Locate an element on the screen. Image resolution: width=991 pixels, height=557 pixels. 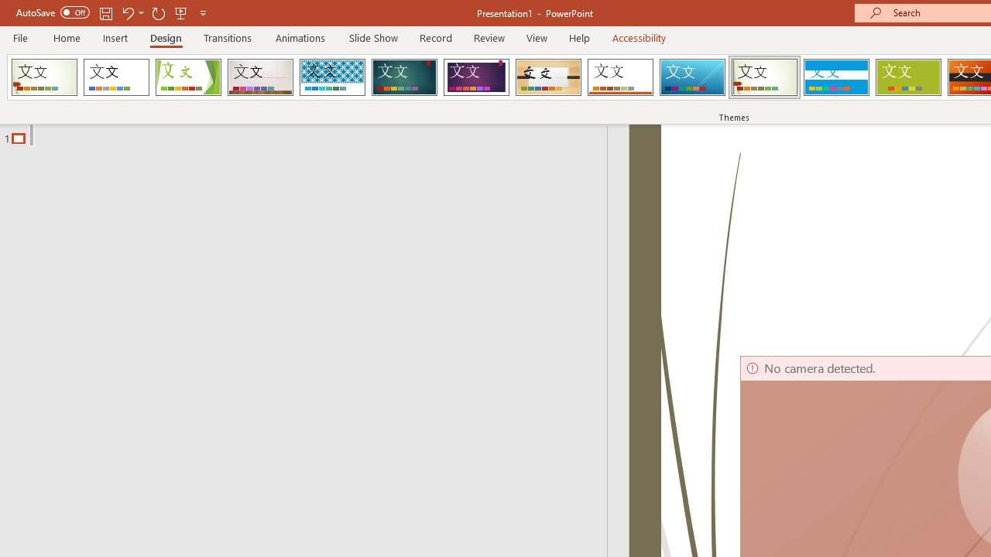
'Wisp' is located at coordinates (764, 77).